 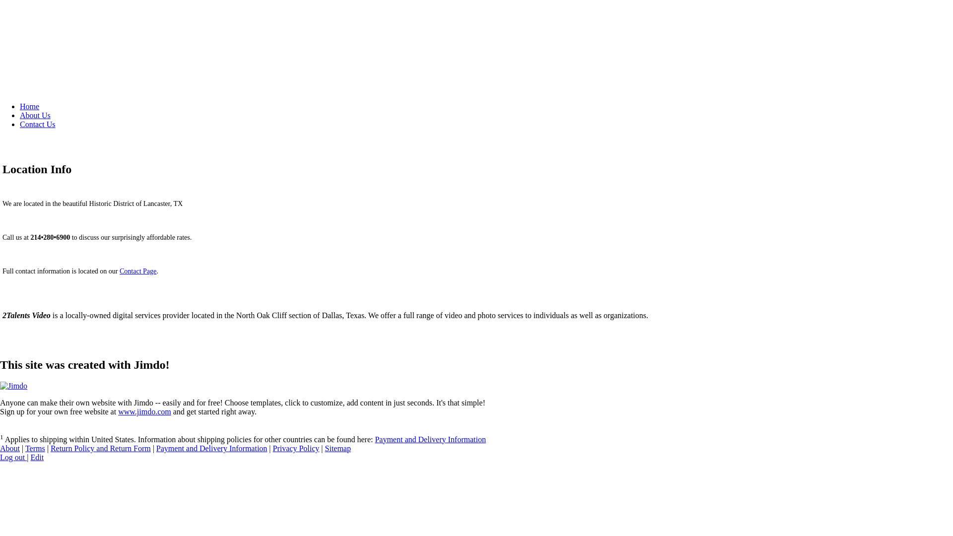 I want to click on 'Edit', so click(x=30, y=457).